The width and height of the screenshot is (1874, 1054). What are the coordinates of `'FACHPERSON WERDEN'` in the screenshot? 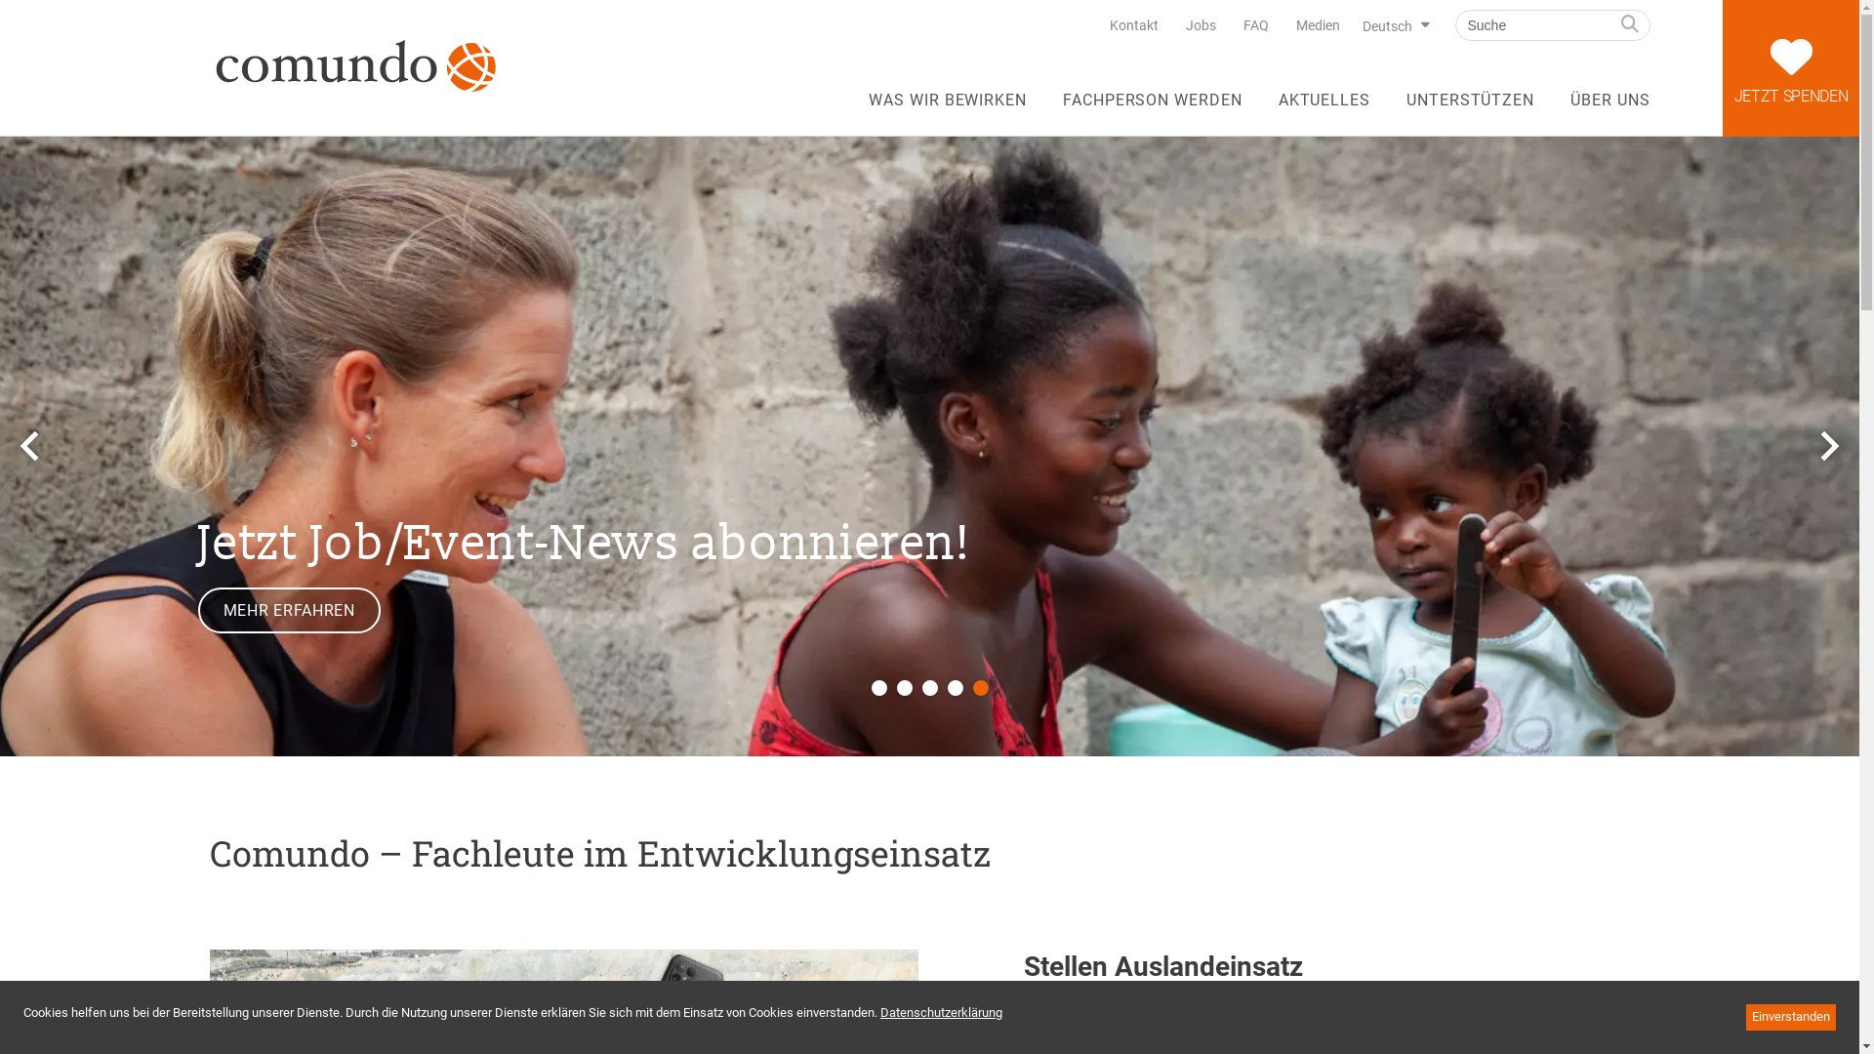 It's located at (1152, 108).